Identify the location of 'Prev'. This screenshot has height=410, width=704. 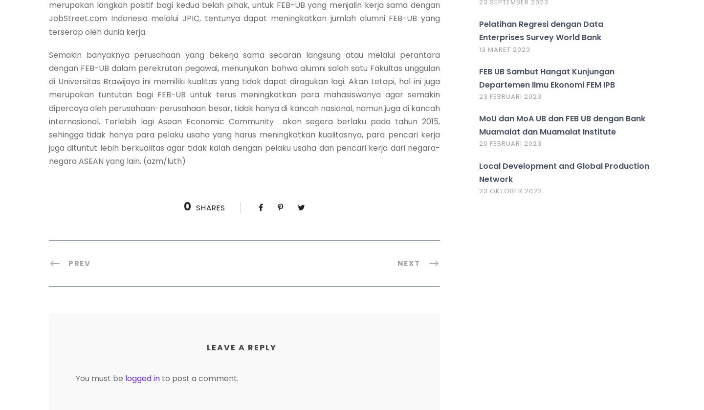
(79, 263).